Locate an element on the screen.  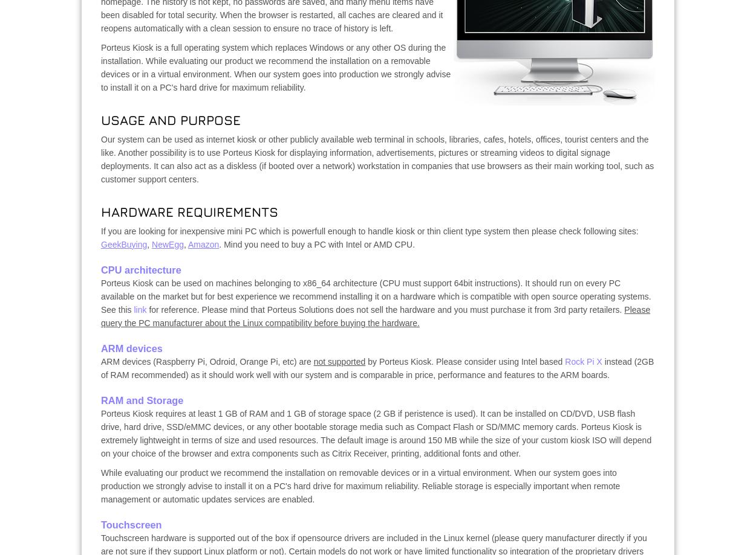
'link' is located at coordinates (139, 309).